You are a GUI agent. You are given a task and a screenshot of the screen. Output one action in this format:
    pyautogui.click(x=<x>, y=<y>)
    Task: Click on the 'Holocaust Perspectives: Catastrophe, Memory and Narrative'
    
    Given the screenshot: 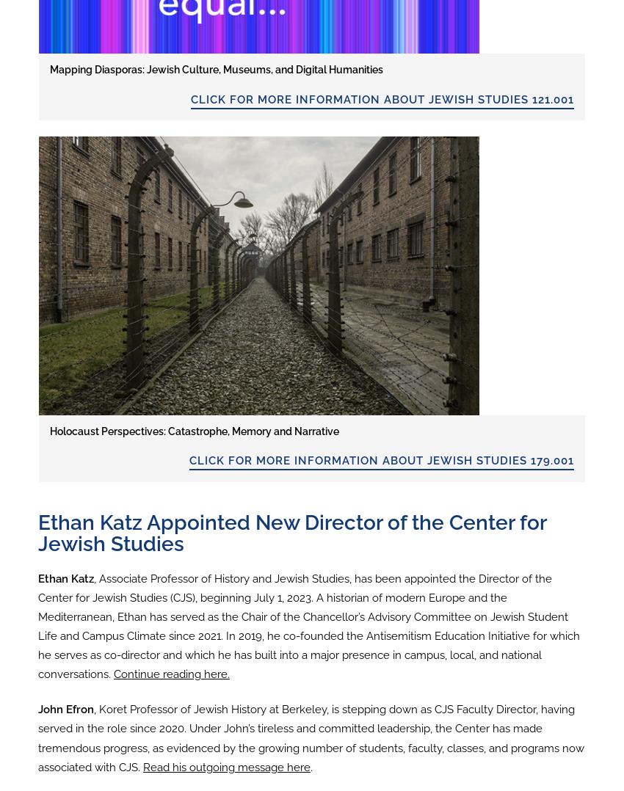 What is the action you would take?
    pyautogui.click(x=194, y=430)
    